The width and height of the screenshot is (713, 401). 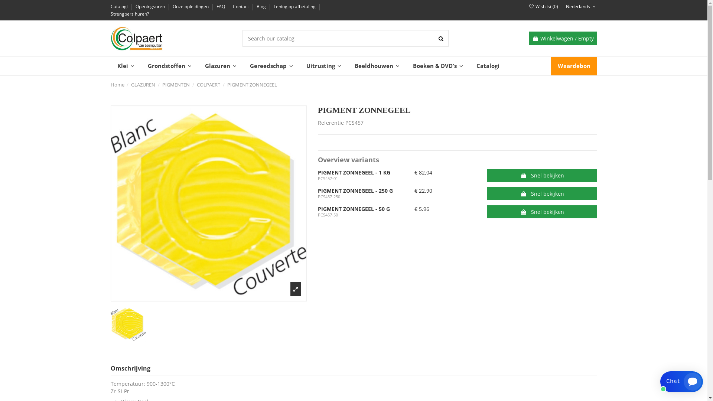 What do you see at coordinates (131, 84) in the screenshot?
I see `'GLAZUREN'` at bounding box center [131, 84].